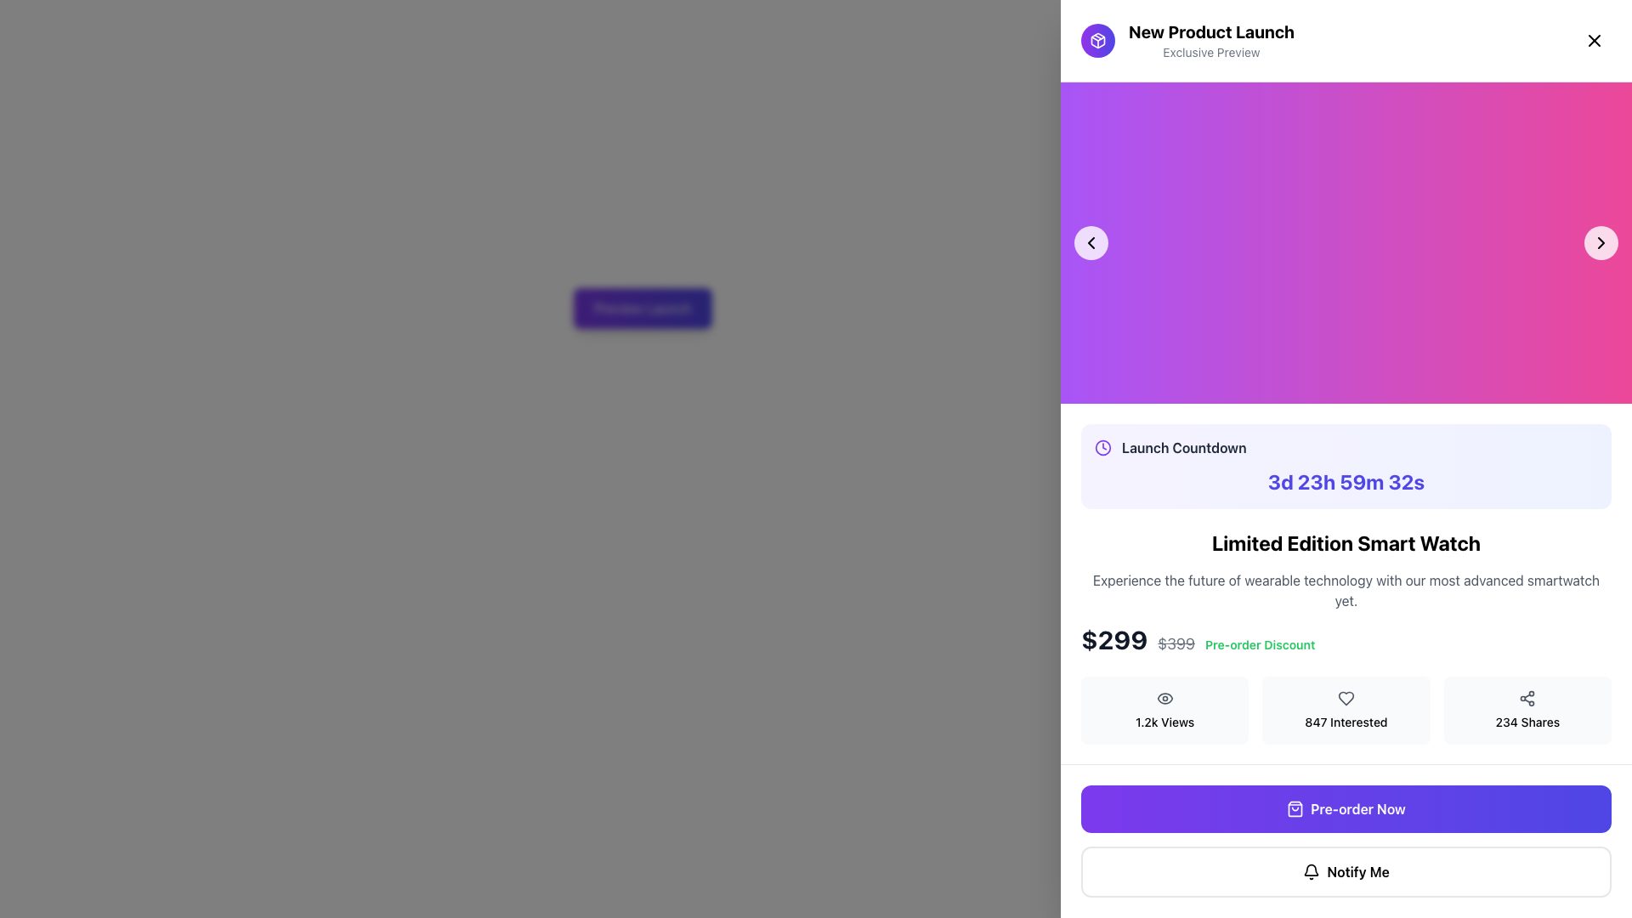  Describe the element at coordinates (1176, 644) in the screenshot. I see `the static text element displaying the previous price, which is styled with a line-through effect and located between the prices '$299' and 'Pre-order Discount'` at that location.